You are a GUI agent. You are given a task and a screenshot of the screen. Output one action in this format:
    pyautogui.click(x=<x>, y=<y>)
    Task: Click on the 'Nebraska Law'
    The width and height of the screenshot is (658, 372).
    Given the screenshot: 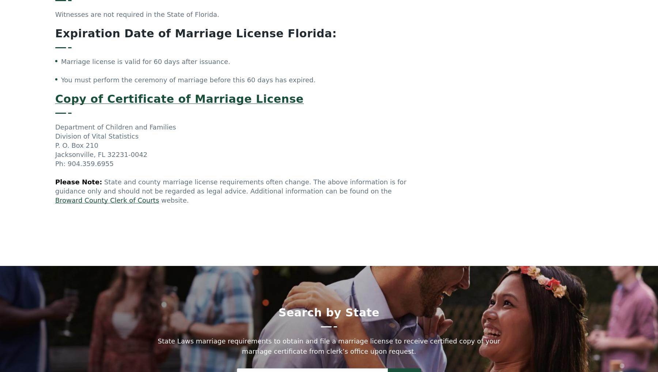 What is the action you would take?
    pyautogui.click(x=225, y=316)
    